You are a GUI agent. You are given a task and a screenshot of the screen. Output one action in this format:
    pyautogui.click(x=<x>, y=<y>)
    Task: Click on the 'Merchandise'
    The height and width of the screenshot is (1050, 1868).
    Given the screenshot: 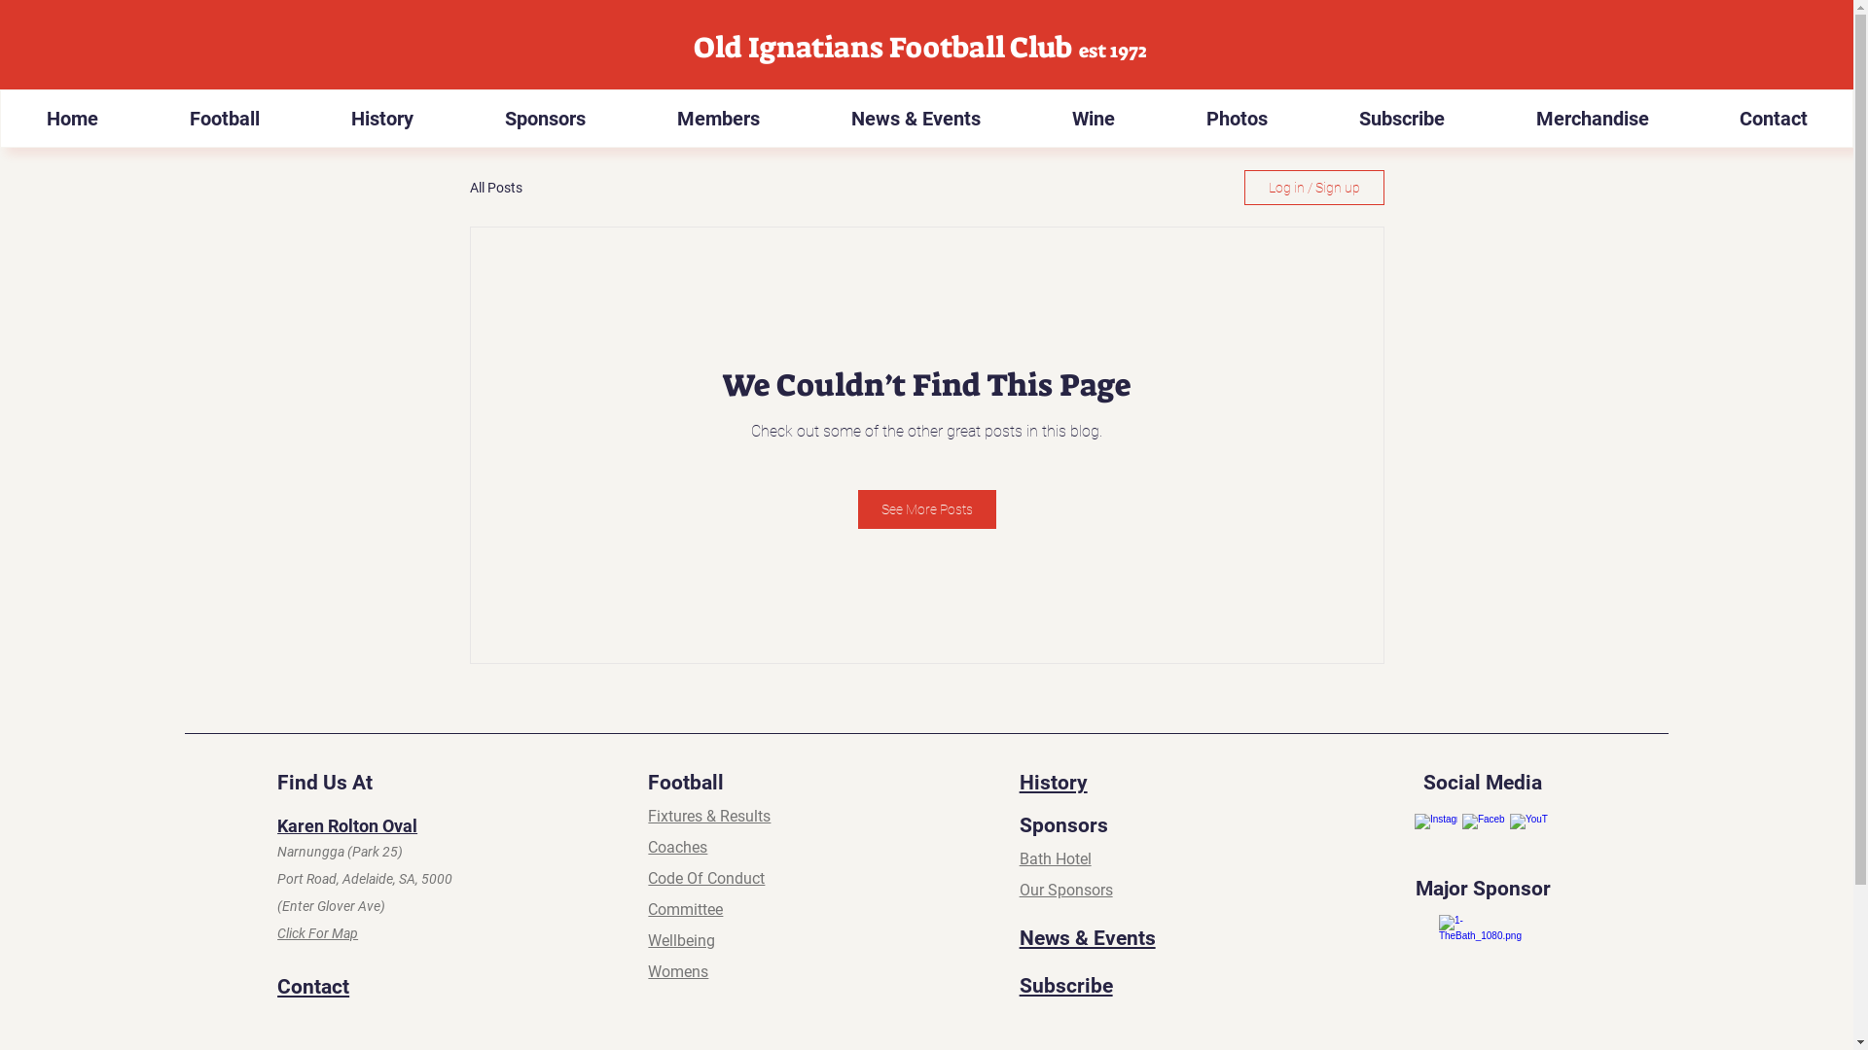 What is the action you would take?
    pyautogui.click(x=1592, y=119)
    